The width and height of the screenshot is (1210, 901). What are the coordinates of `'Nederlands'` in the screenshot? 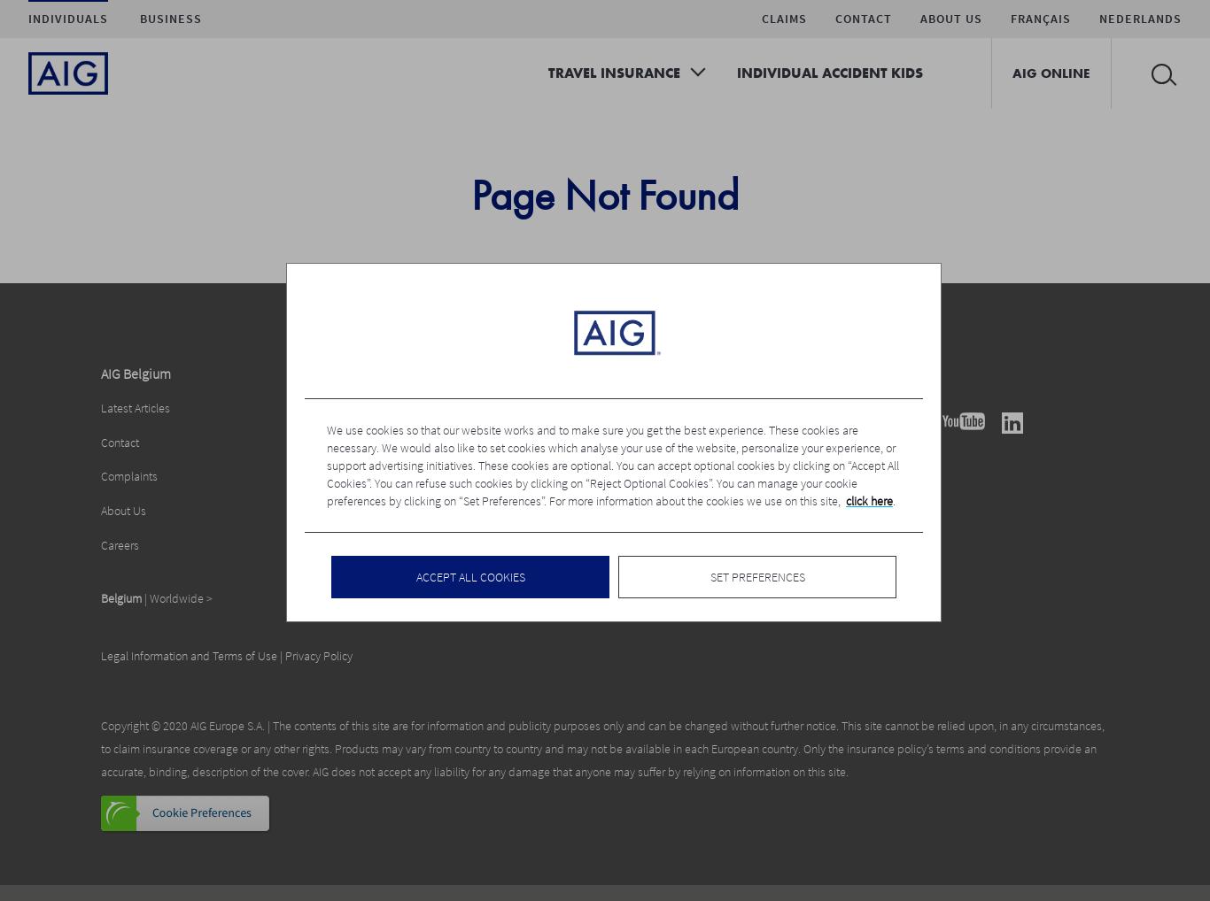 It's located at (1139, 17).